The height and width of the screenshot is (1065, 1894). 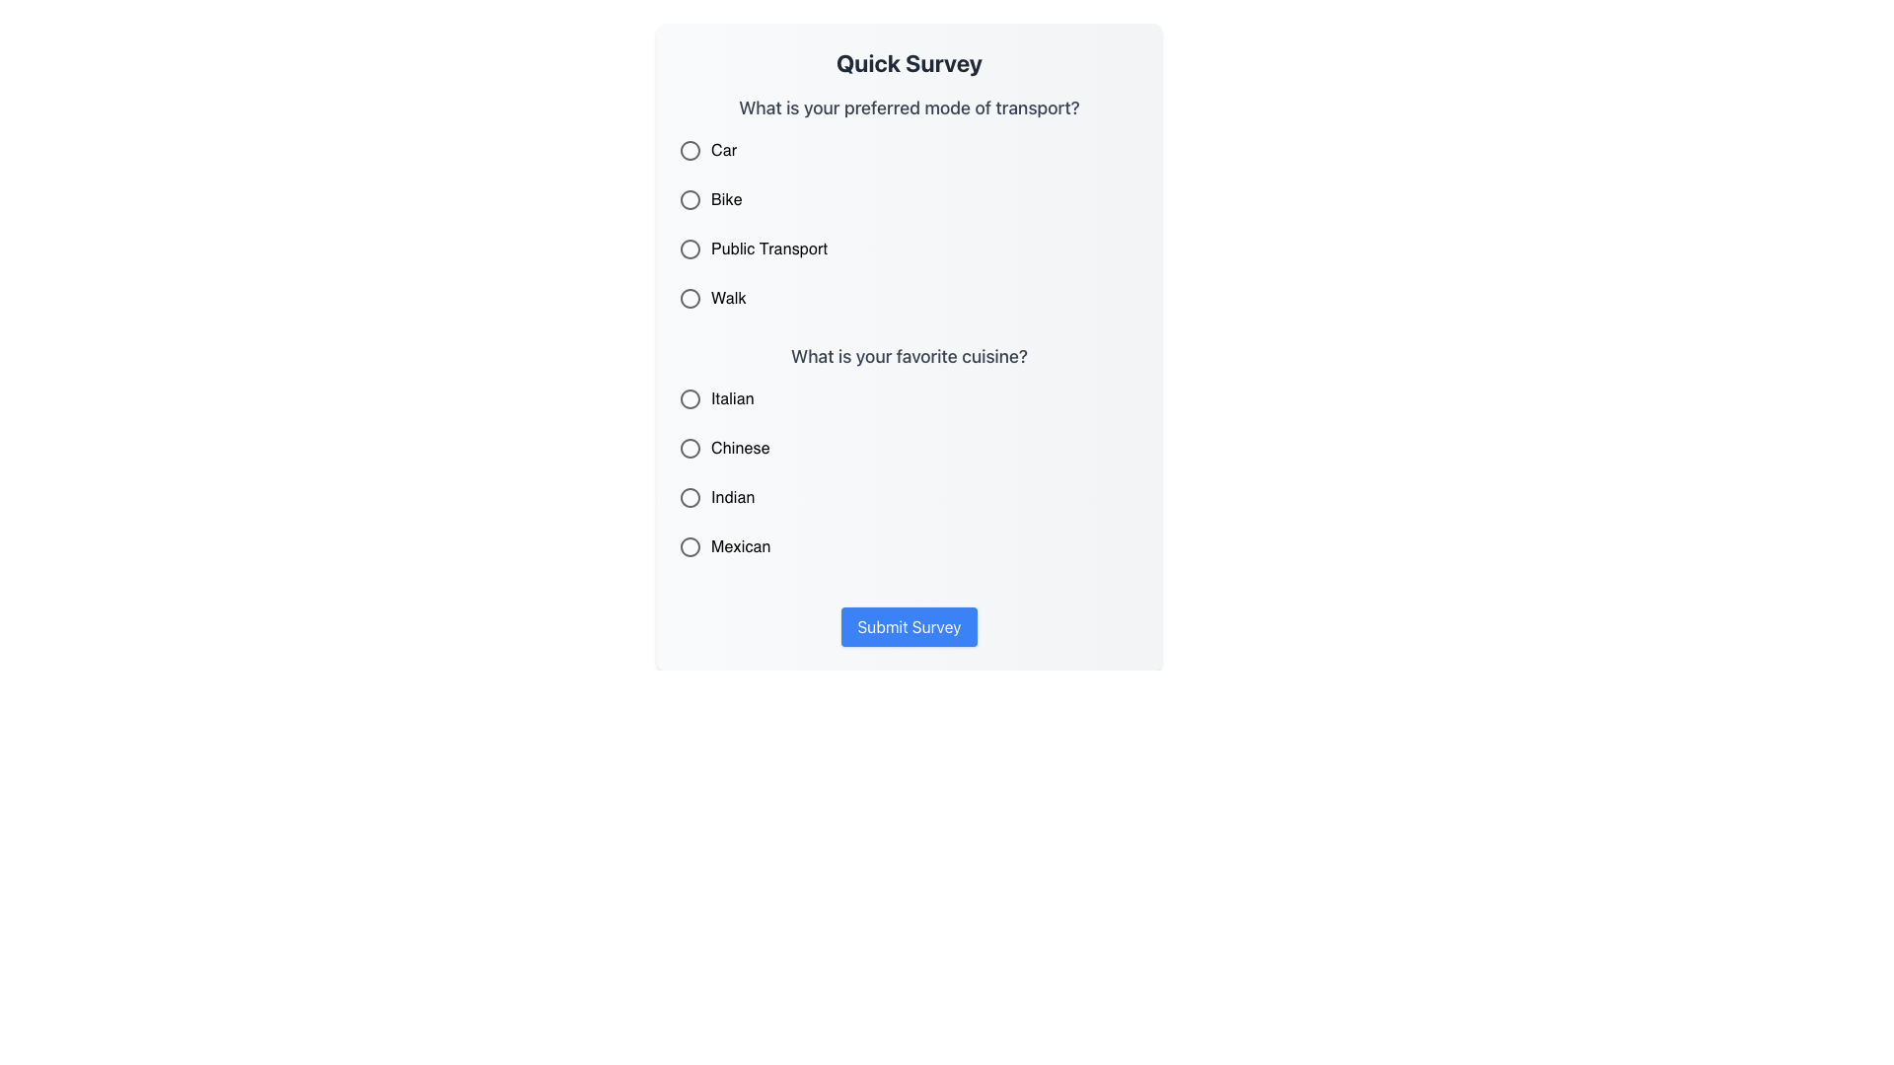 I want to click on text heading 'Quick Survey' displayed in bold and large font size, positioned directly above the survey questions, so click(x=908, y=62).